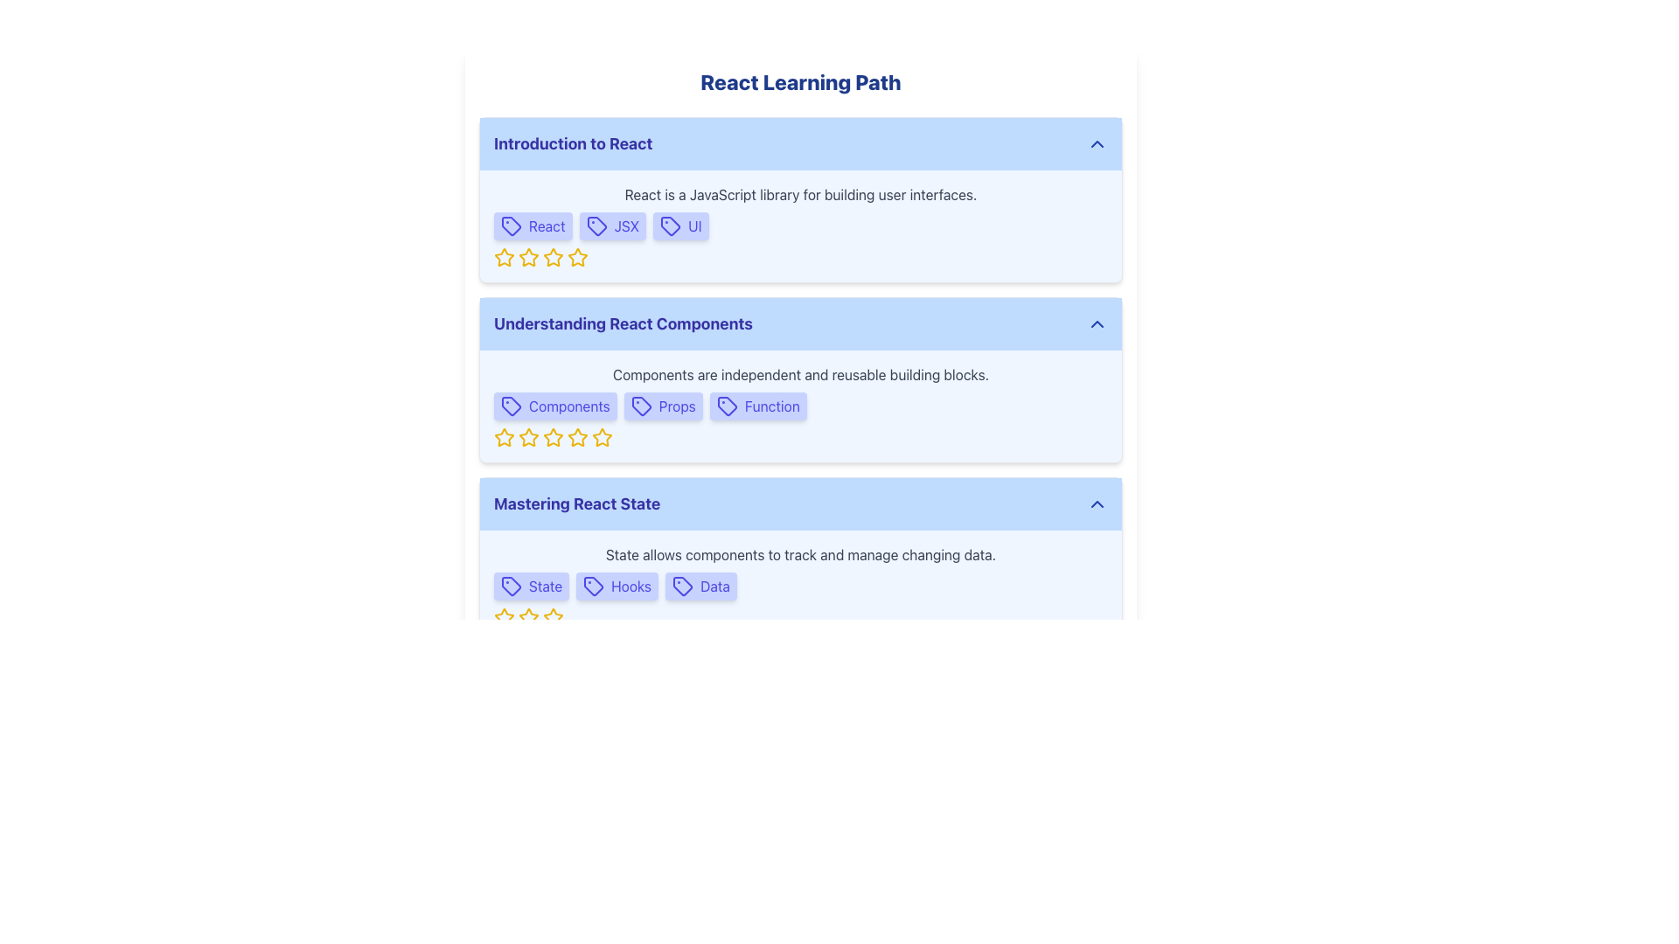  Describe the element at coordinates (617, 587) in the screenshot. I see `the 'Hooks' badge, which is the second badge in the horizontal arrangement, featuring a purple tag icon and bold indigo text on a light indigo background` at that location.